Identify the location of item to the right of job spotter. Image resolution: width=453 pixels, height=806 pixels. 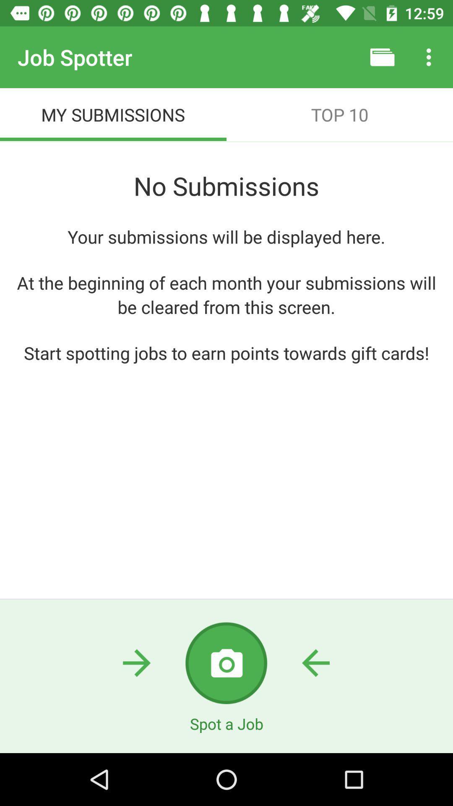
(382, 57).